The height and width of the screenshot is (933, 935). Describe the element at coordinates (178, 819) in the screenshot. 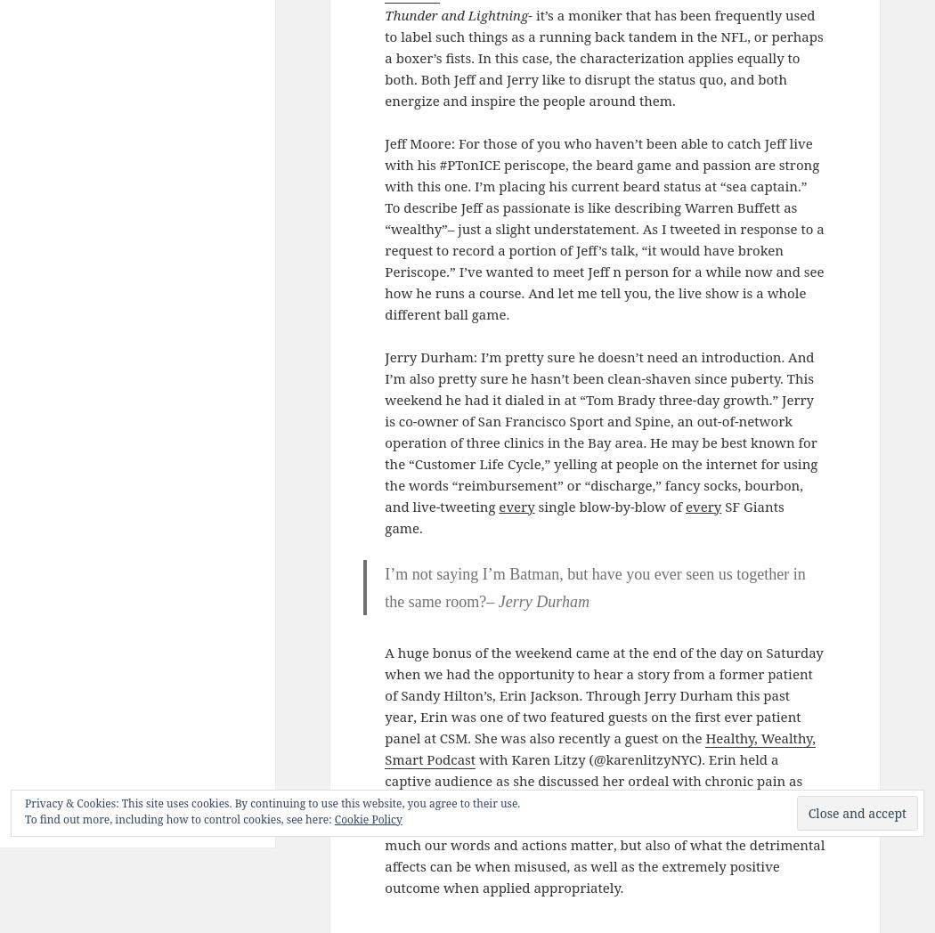

I see `'To find out more, including how to control cookies, see here:'` at that location.